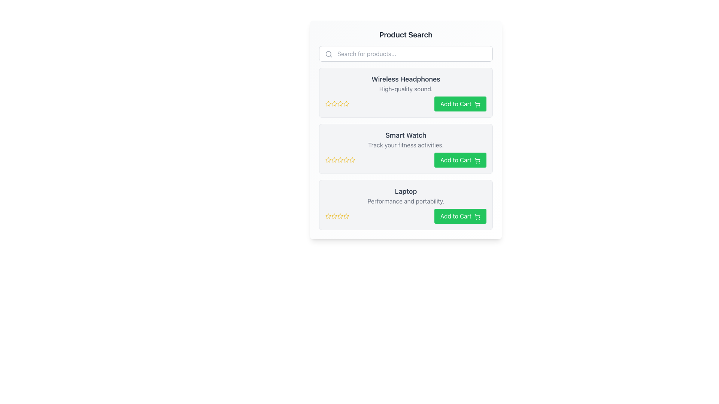 The image size is (719, 404). I want to click on the text element displaying 'High-quality sound.' located below the 'Wireless Headphones' title within the bordered product card, so click(406, 89).